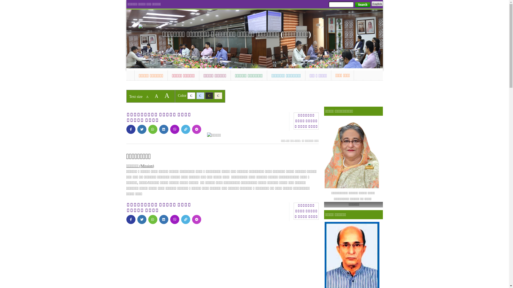 The width and height of the screenshot is (513, 288). Describe the element at coordinates (377, 4) in the screenshot. I see `'English'` at that location.